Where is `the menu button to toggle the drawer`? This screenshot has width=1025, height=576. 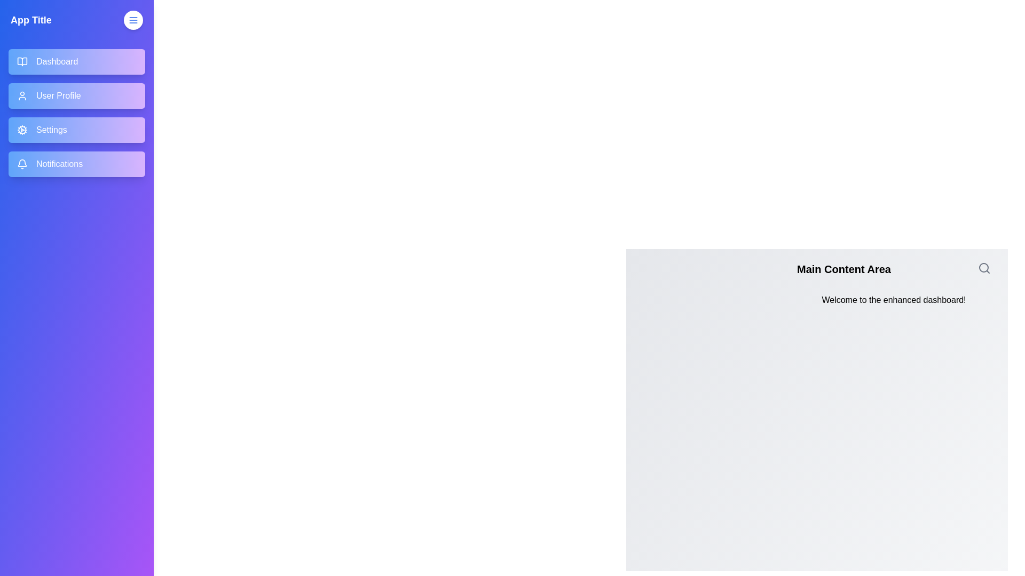 the menu button to toggle the drawer is located at coordinates (132, 20).